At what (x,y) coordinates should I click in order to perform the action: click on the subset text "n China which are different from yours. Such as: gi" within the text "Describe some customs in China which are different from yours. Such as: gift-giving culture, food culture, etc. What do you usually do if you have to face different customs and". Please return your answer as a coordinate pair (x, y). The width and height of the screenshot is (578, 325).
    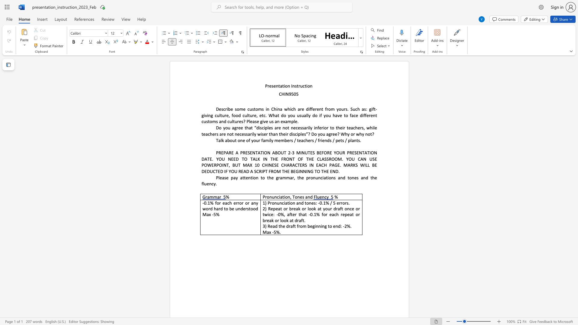
    Looking at the image, I should click on (266, 109).